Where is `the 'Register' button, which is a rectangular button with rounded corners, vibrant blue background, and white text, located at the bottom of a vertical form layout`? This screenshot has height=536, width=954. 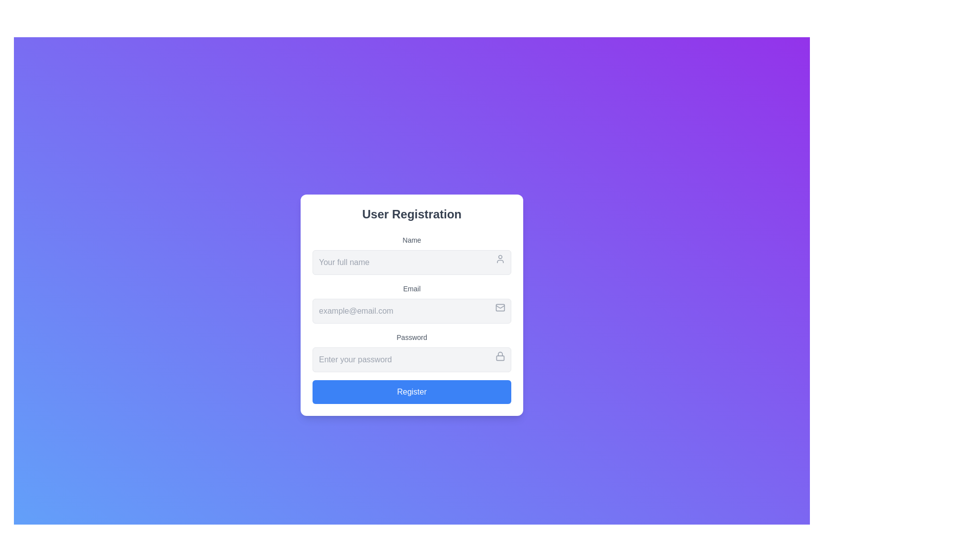 the 'Register' button, which is a rectangular button with rounded corners, vibrant blue background, and white text, located at the bottom of a vertical form layout is located at coordinates (412, 392).